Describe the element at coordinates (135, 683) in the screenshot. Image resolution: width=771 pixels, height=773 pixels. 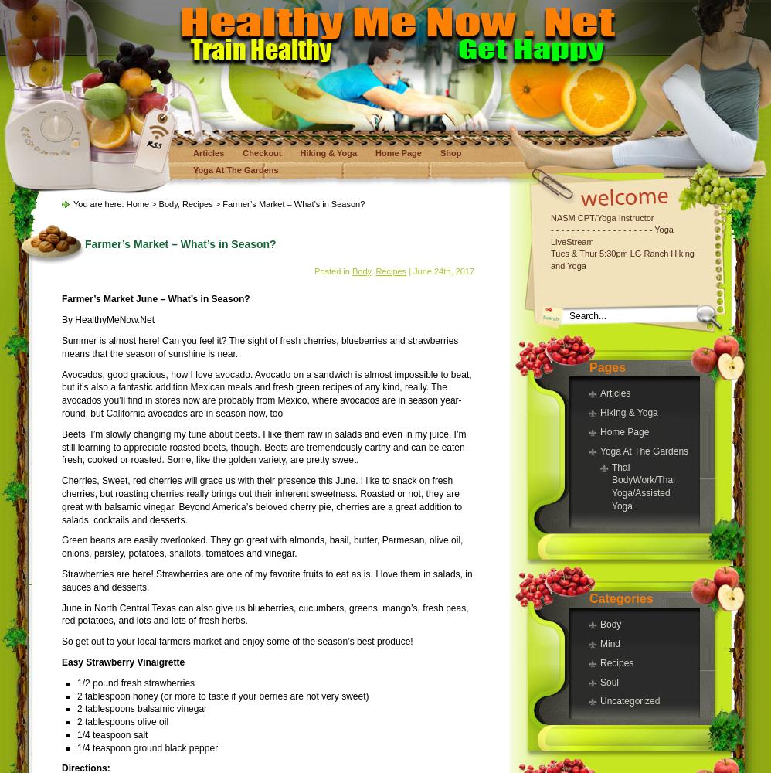
I see `'1/2 pound fresh strawberries'` at that location.